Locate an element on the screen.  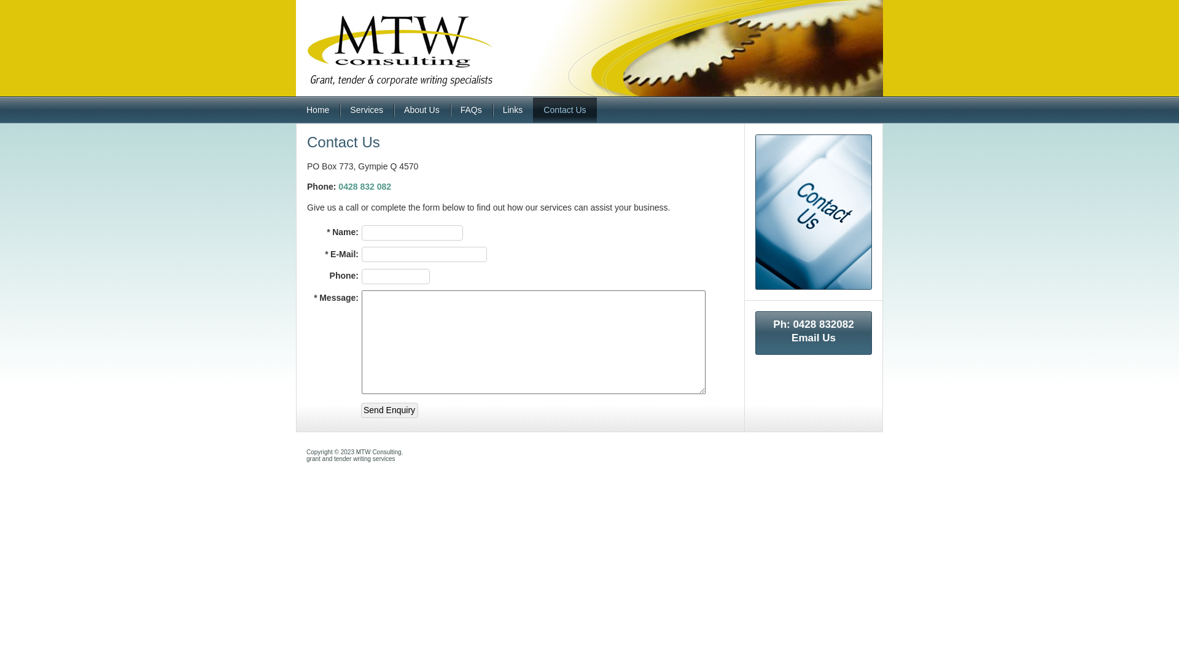
'Home' is located at coordinates (295, 109).